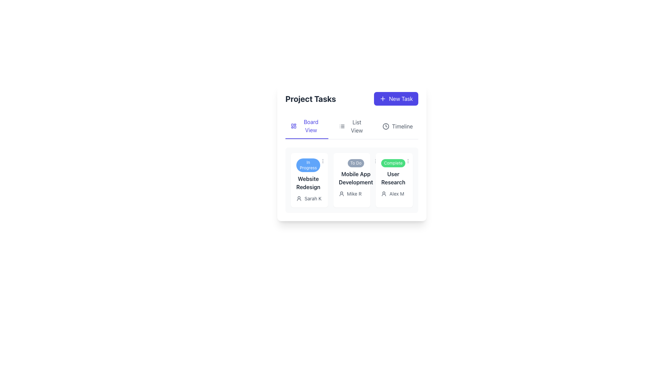 Image resolution: width=654 pixels, height=368 pixels. I want to click on the 'List View' button, which is styled with a gray text and a list-like icon, located beneath the 'Project Tasks' section and positioned between 'Board View' and 'Timeline', so click(353, 126).